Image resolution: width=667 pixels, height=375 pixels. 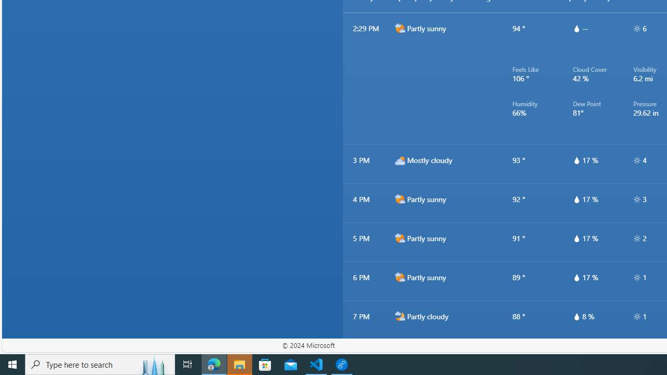 What do you see at coordinates (399, 277) in the screenshot?
I see `'d2000'` at bounding box center [399, 277].